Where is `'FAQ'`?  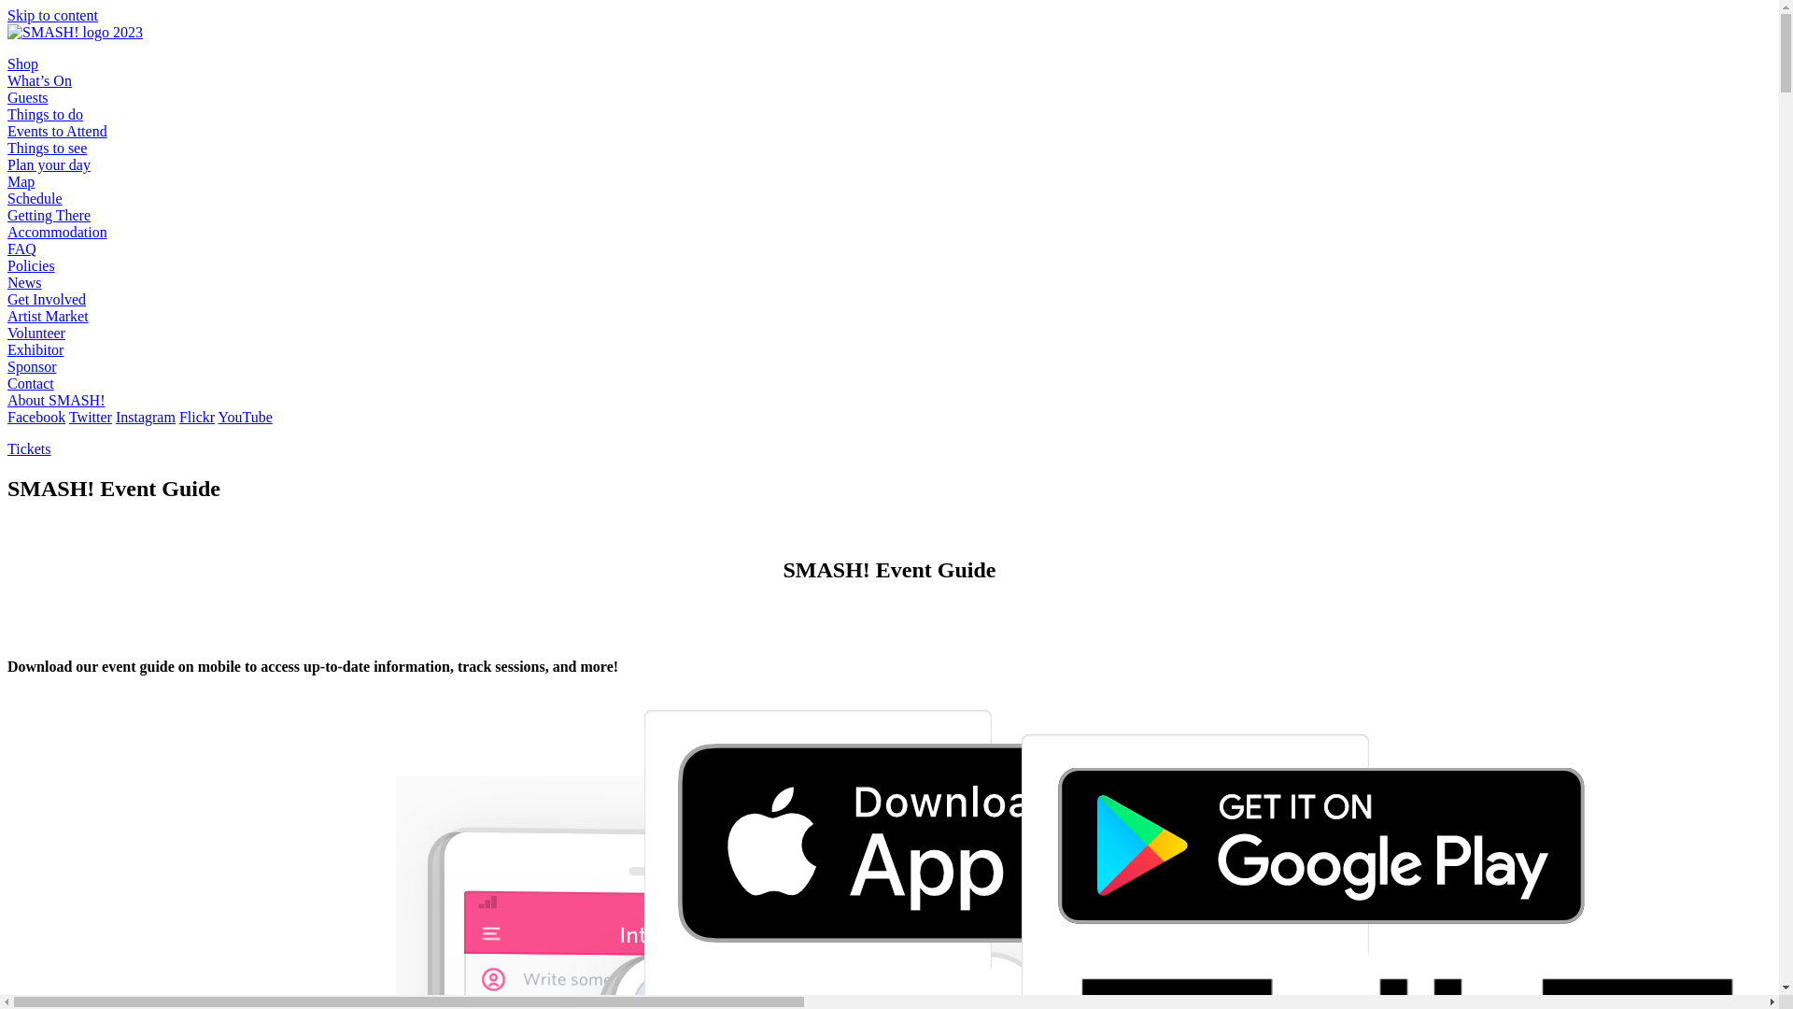 'FAQ' is located at coordinates (21, 248).